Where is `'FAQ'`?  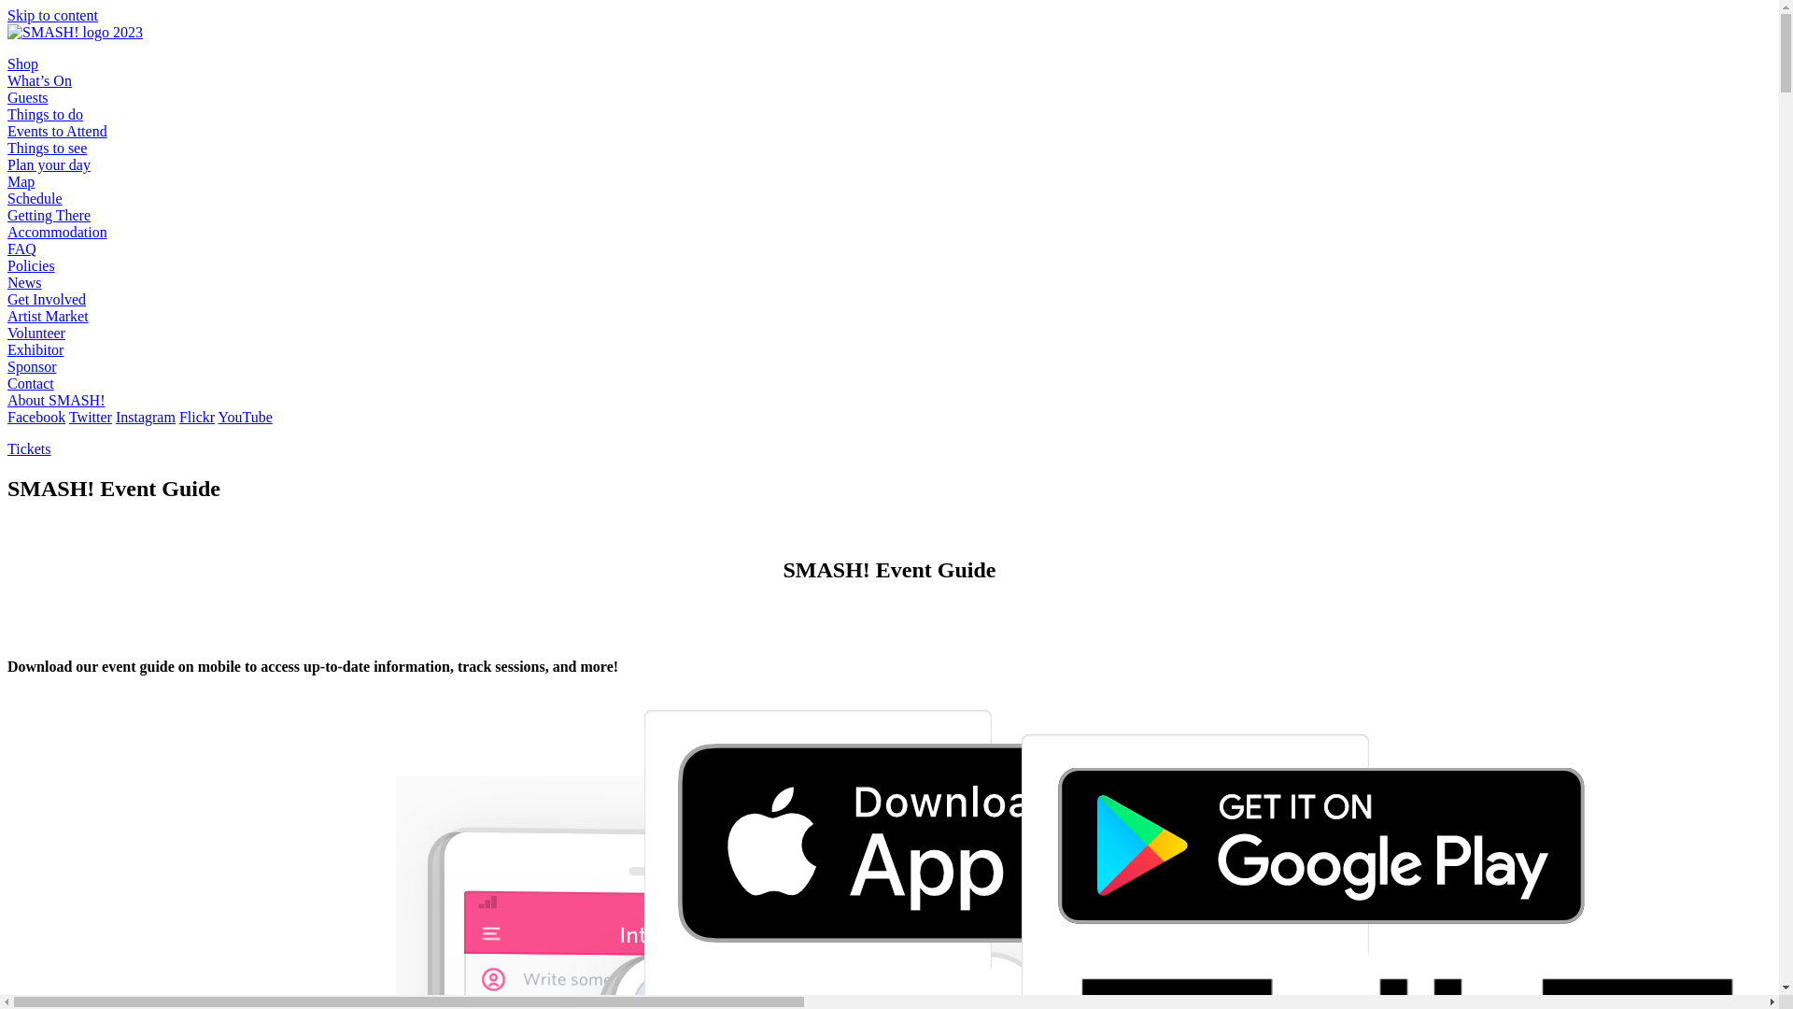 'FAQ' is located at coordinates (21, 248).